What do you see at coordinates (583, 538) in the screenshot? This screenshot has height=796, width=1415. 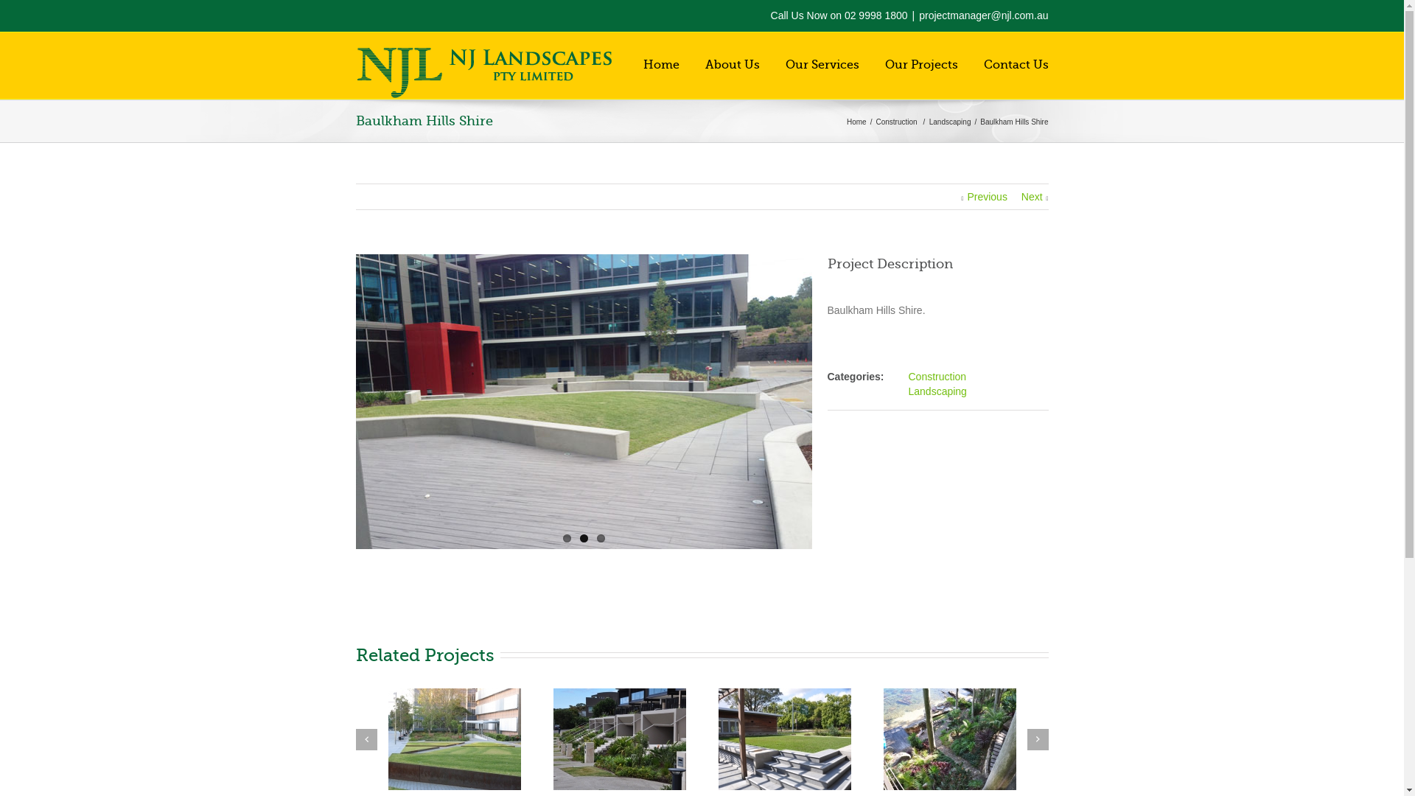 I see `'2'` at bounding box center [583, 538].